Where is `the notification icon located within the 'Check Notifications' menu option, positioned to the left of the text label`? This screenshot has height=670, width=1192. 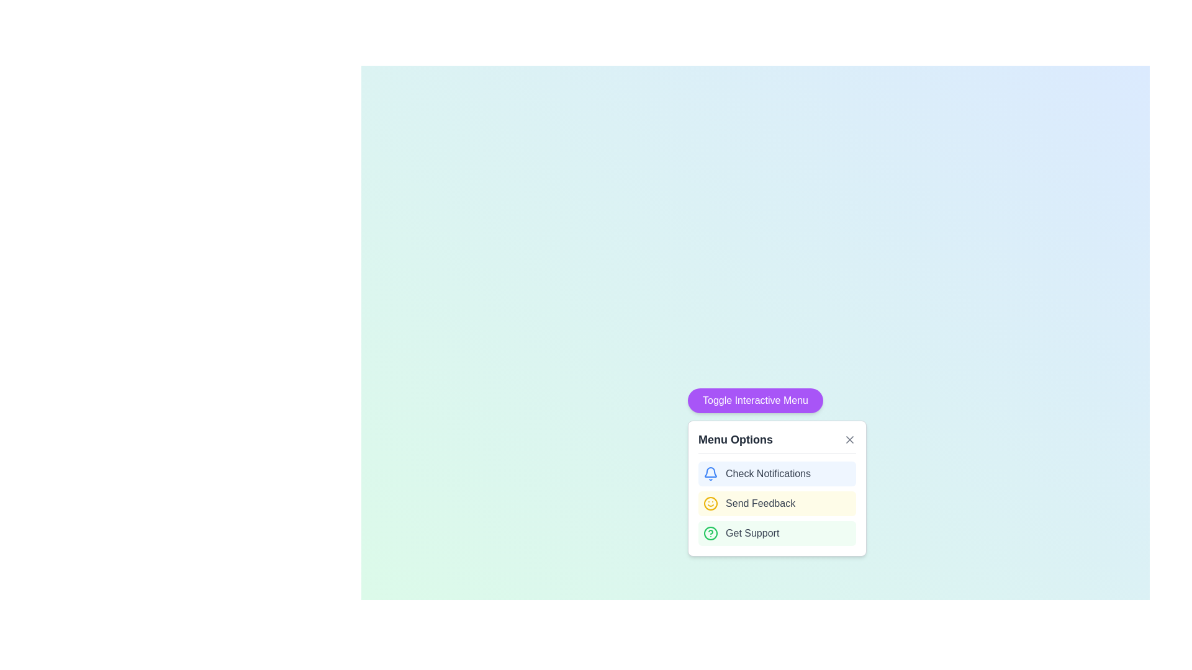 the notification icon located within the 'Check Notifications' menu option, positioned to the left of the text label is located at coordinates (711, 473).